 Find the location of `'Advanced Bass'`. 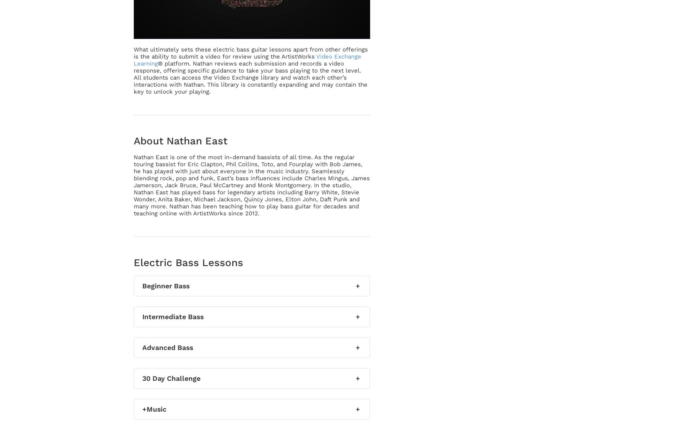

'Advanced Bass' is located at coordinates (167, 347).